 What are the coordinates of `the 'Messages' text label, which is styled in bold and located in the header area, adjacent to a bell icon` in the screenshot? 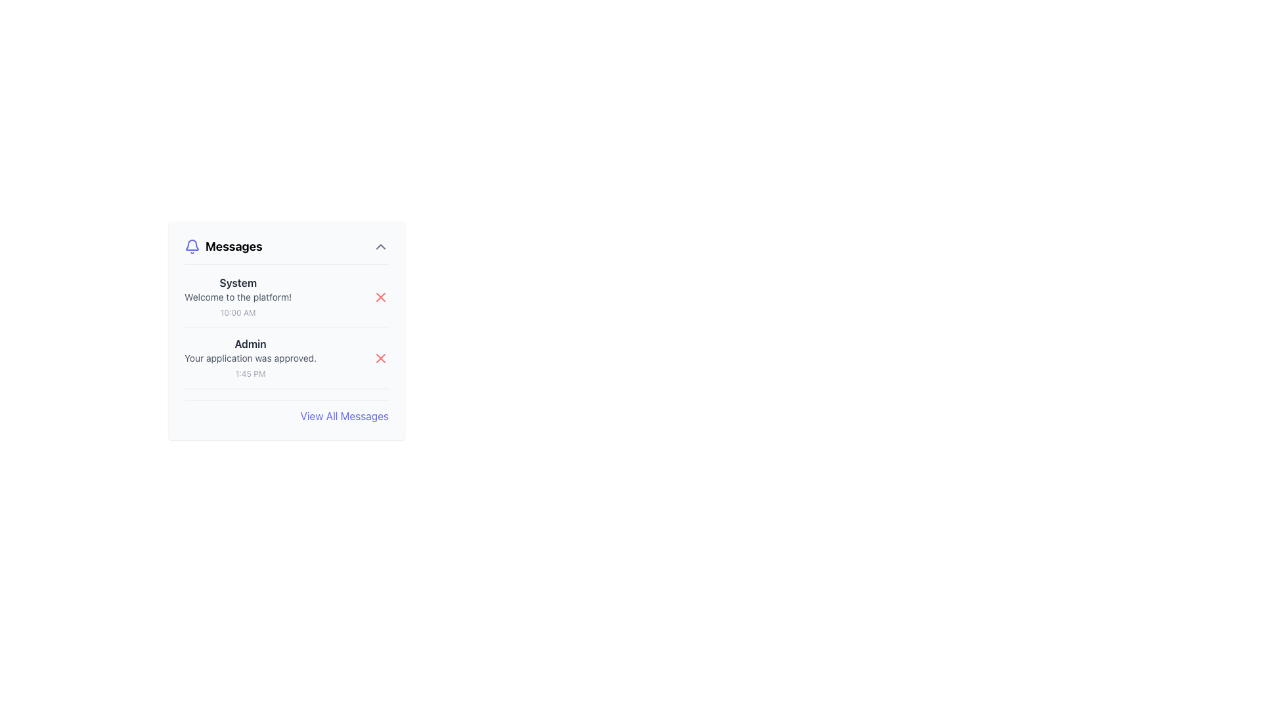 It's located at (223, 246).